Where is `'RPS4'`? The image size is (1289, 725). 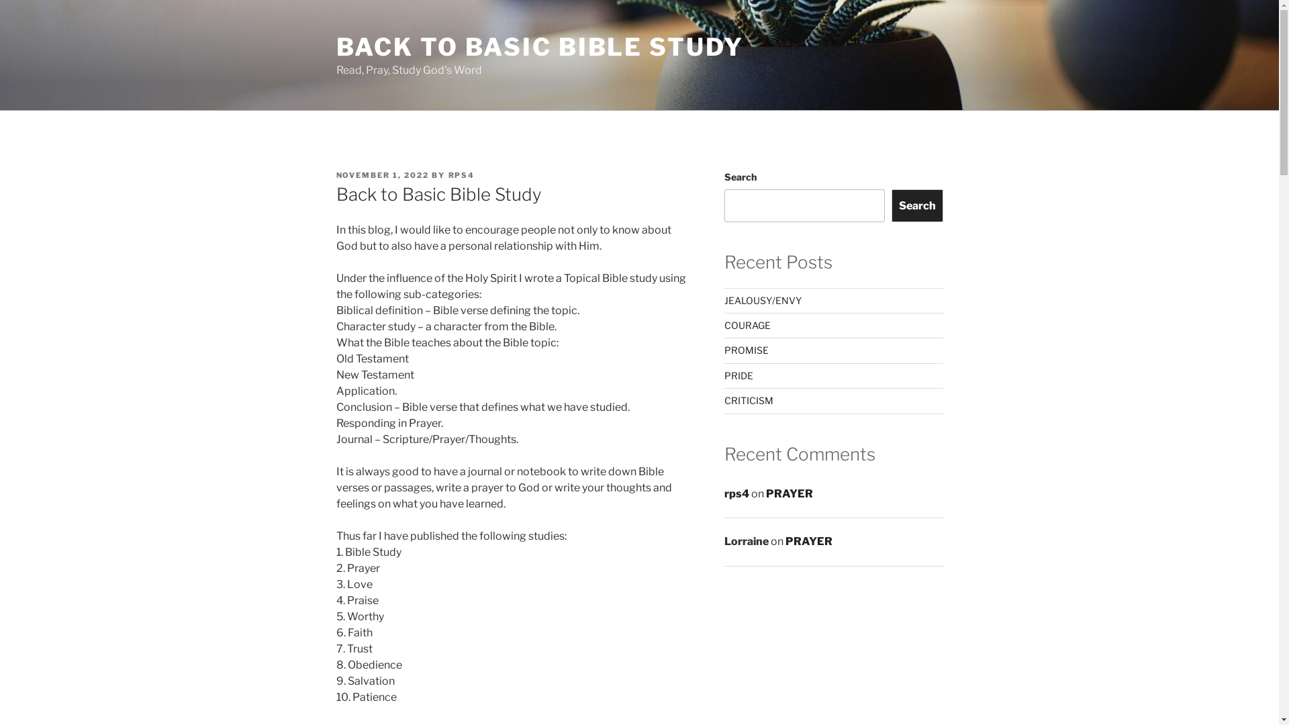
'RPS4' is located at coordinates (461, 175).